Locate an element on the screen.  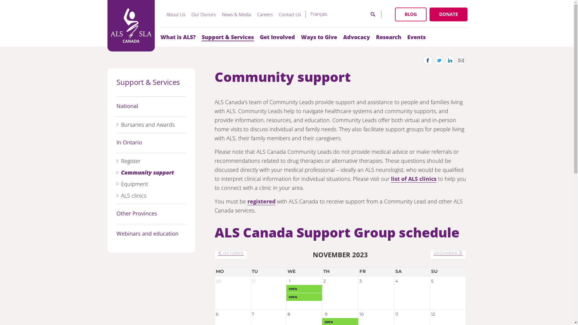
'Contact Us' is located at coordinates (290, 14).